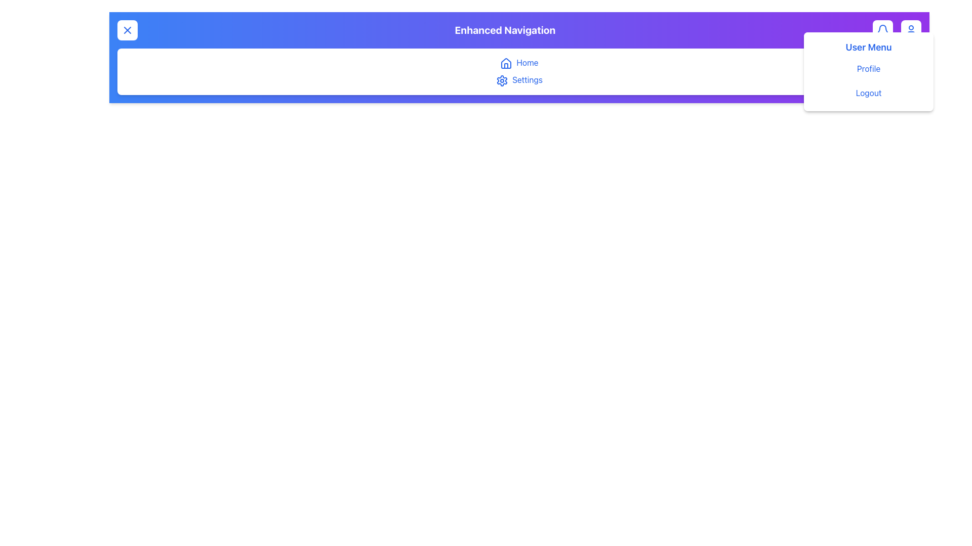 This screenshot has height=546, width=972. I want to click on the house-shaped outline icon in the navigation bar, so click(506, 63).